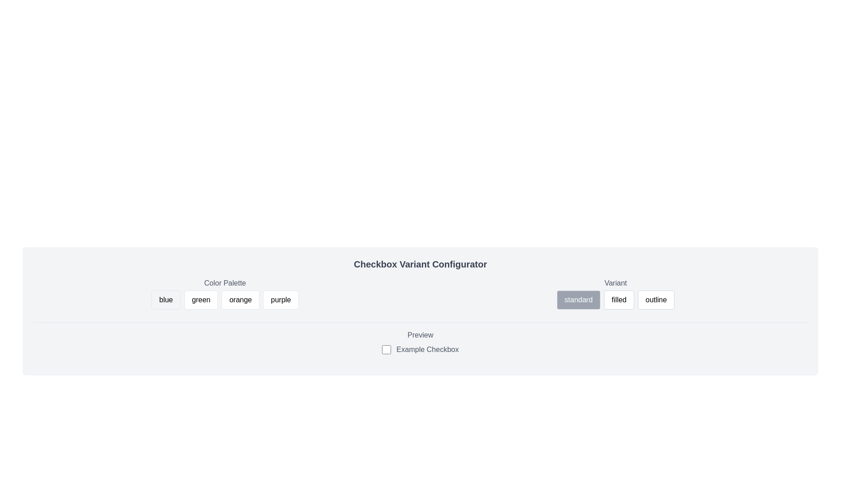 The height and width of the screenshot is (488, 868). Describe the element at coordinates (427, 349) in the screenshot. I see `the text label 'Example Checkbox' which is styled in gray font and positioned next to a checkbox to its left` at that location.